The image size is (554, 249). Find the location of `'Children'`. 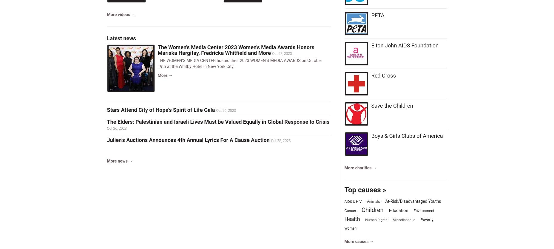

'Children' is located at coordinates (361, 209).